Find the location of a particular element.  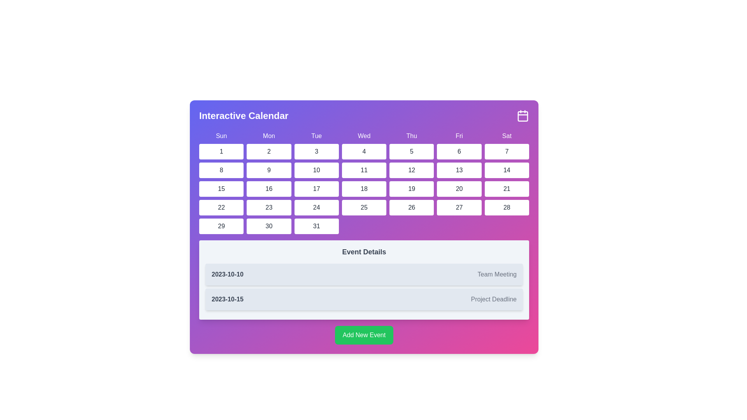

the clickable calendar day cell displaying the number '29' is located at coordinates (221, 226).